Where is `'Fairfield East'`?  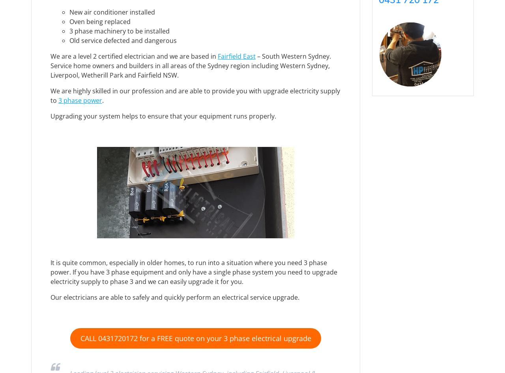 'Fairfield East' is located at coordinates (236, 55).